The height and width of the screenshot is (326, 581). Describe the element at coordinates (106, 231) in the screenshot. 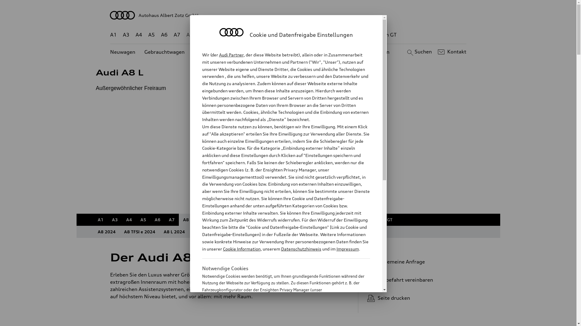

I see `'A8 2024'` at that location.